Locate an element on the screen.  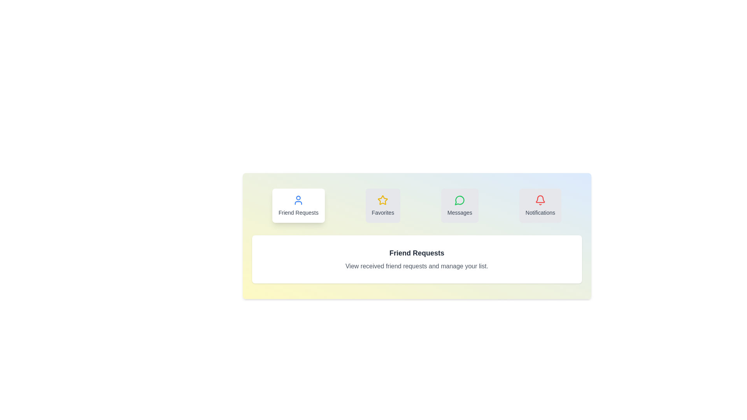
the 'Messages' tab to activate it is located at coordinates (459, 205).